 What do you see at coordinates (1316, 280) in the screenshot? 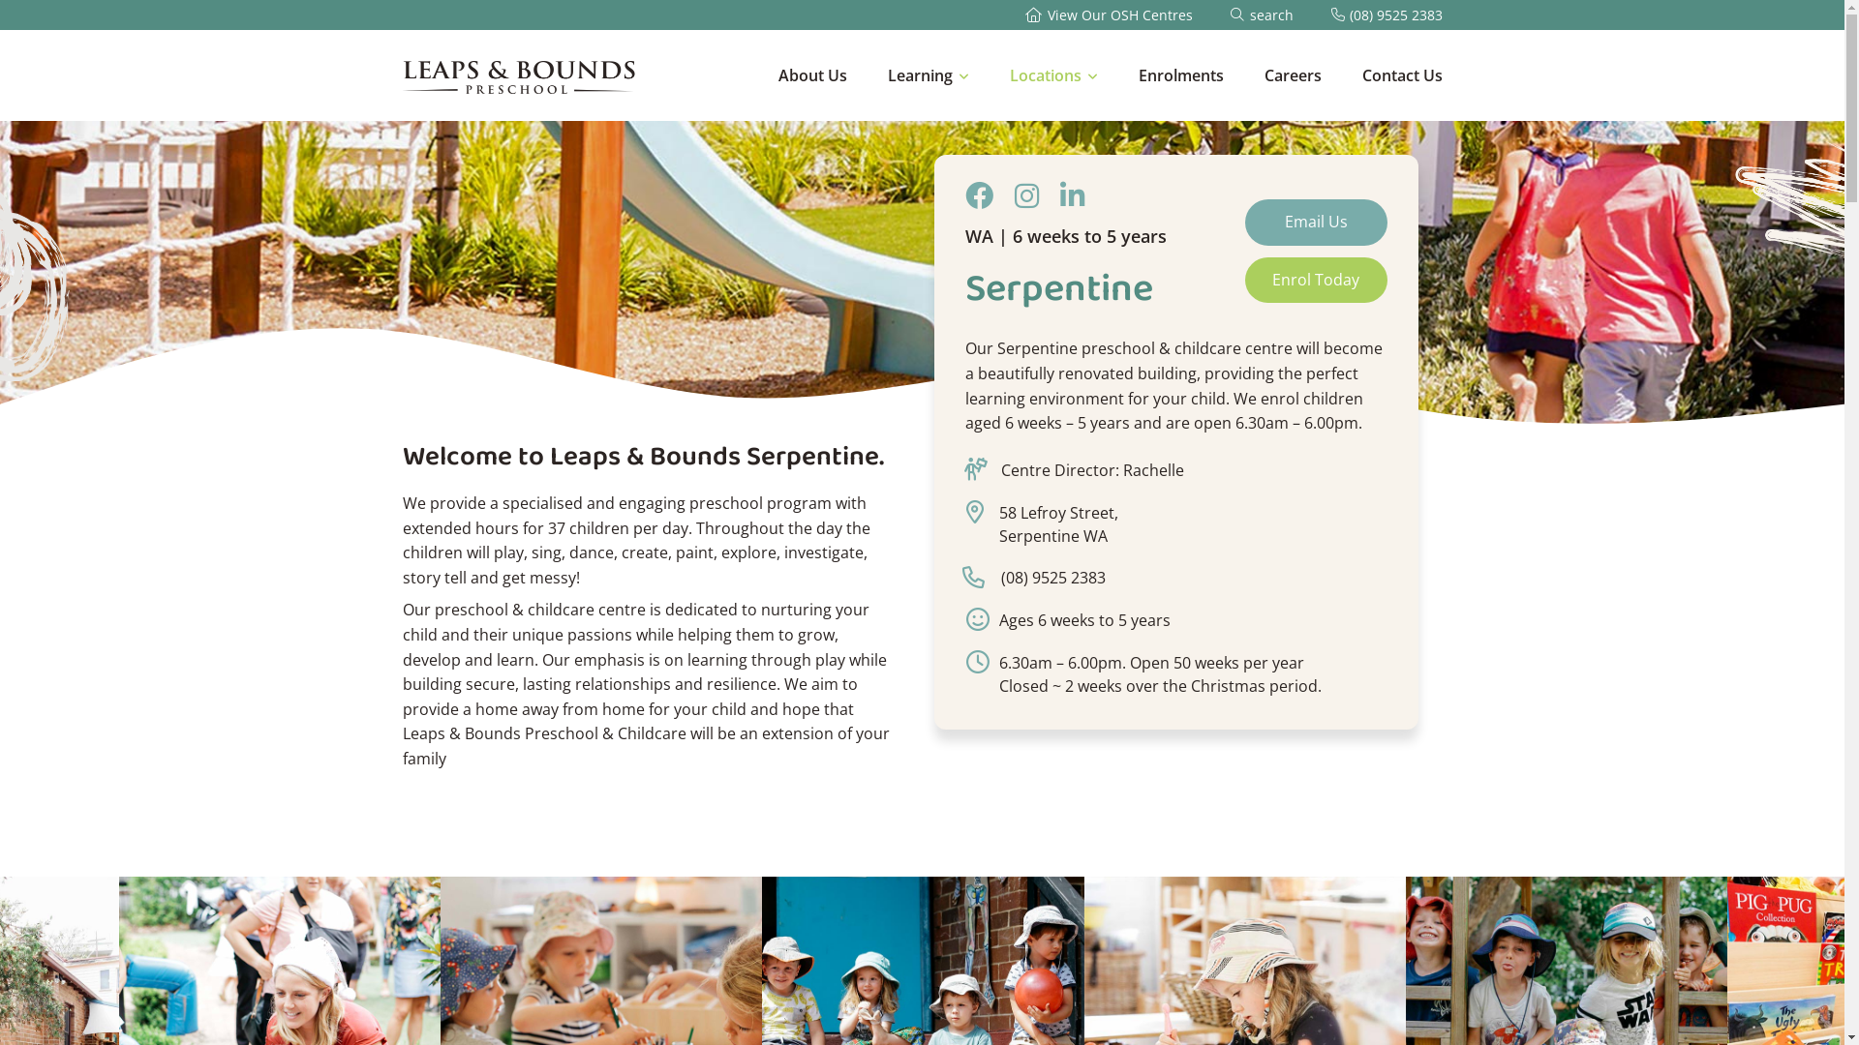
I see `'Enrol Today'` at bounding box center [1316, 280].